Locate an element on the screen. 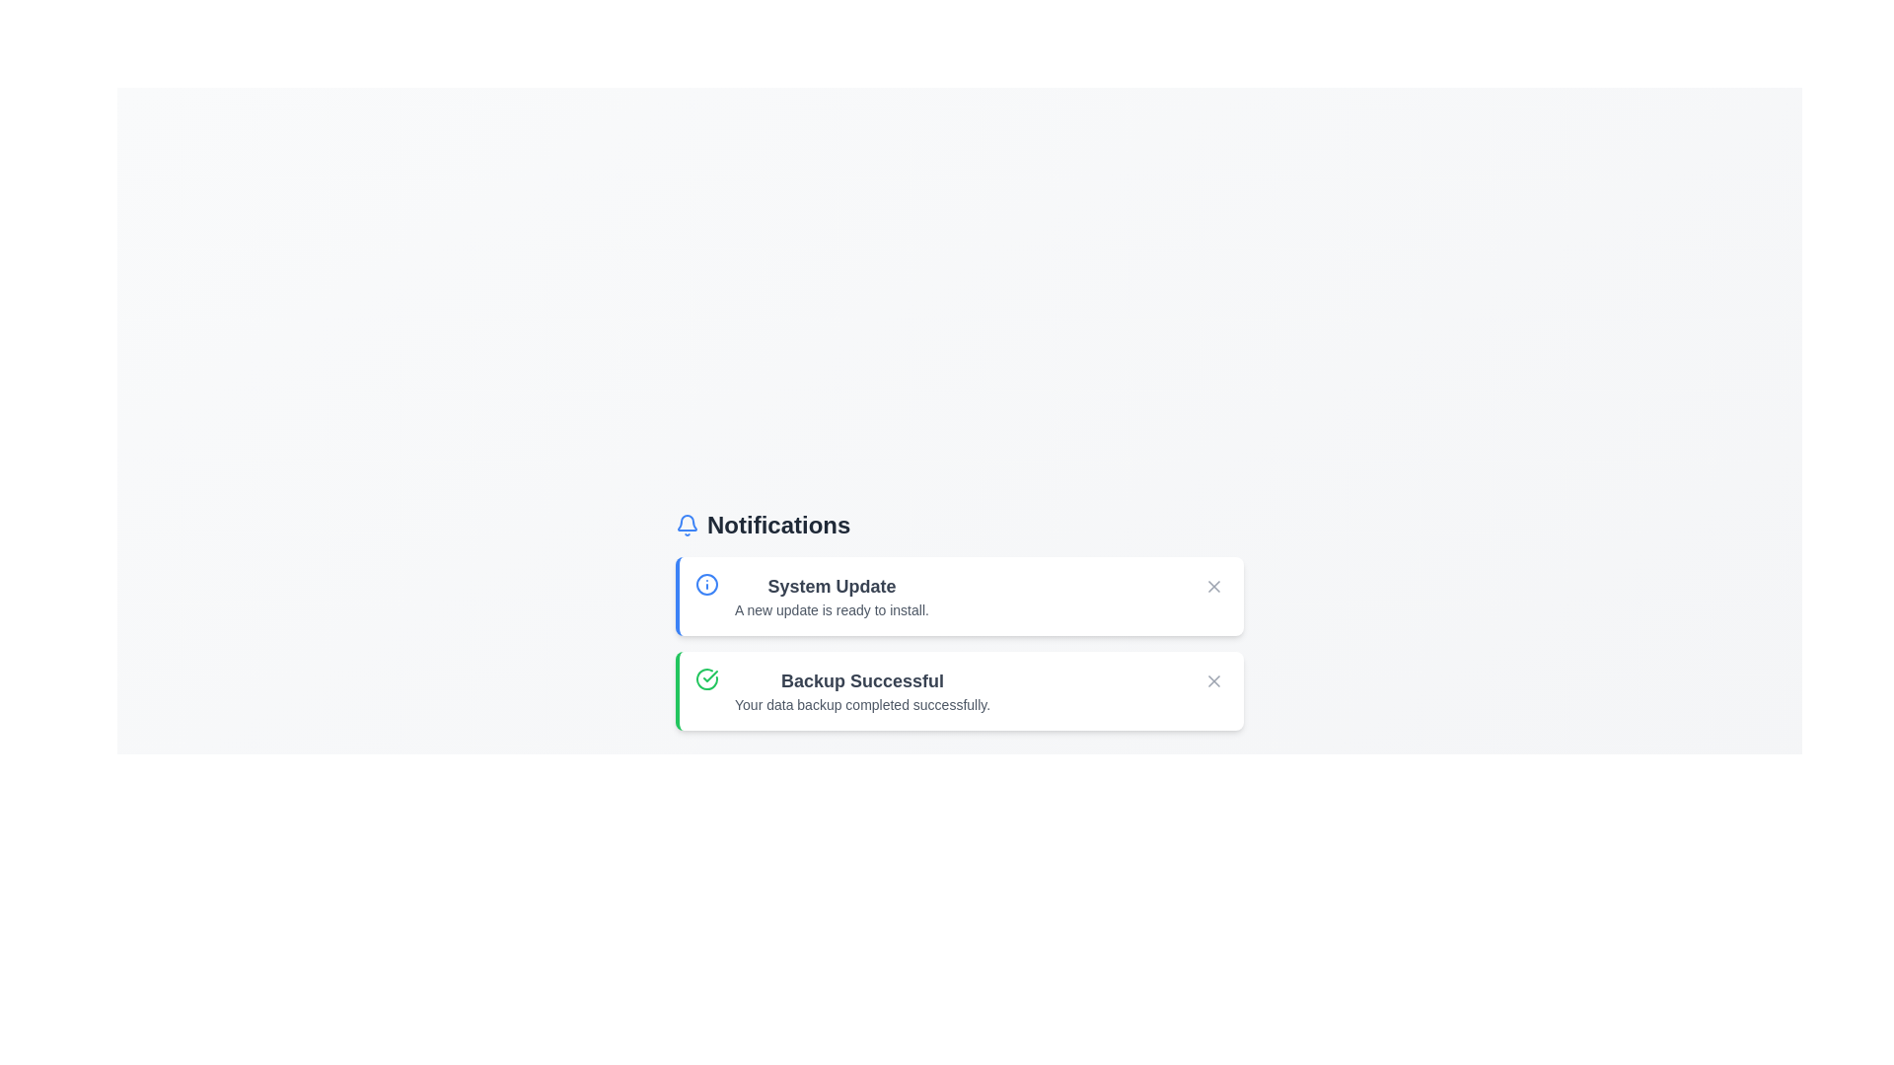 This screenshot has width=1894, height=1065. notification message displayed in the text block that indicates a successful data backup operation, which is located below the 'System Update' notification is located at coordinates (862, 690).